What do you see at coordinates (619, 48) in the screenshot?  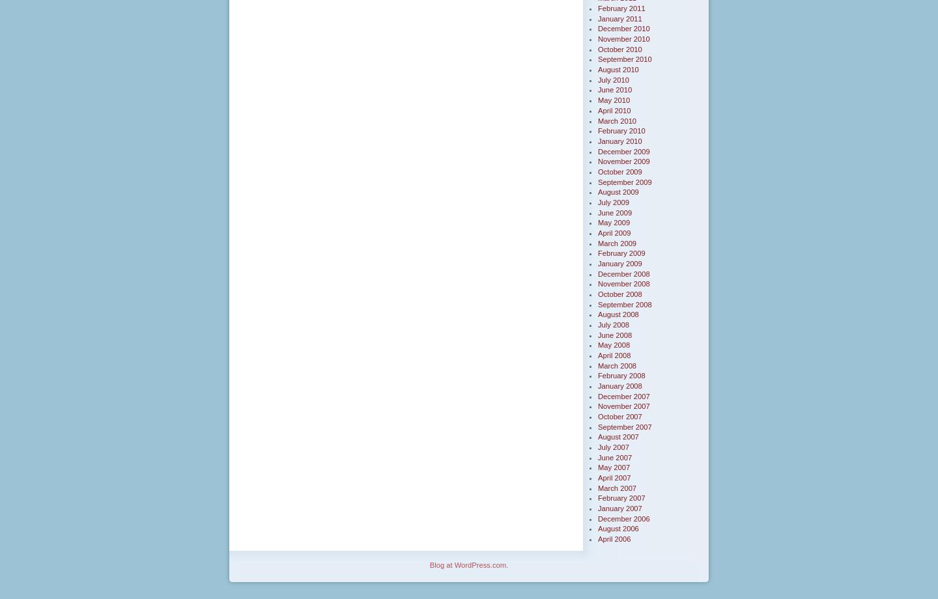 I see `'October 2010'` at bounding box center [619, 48].